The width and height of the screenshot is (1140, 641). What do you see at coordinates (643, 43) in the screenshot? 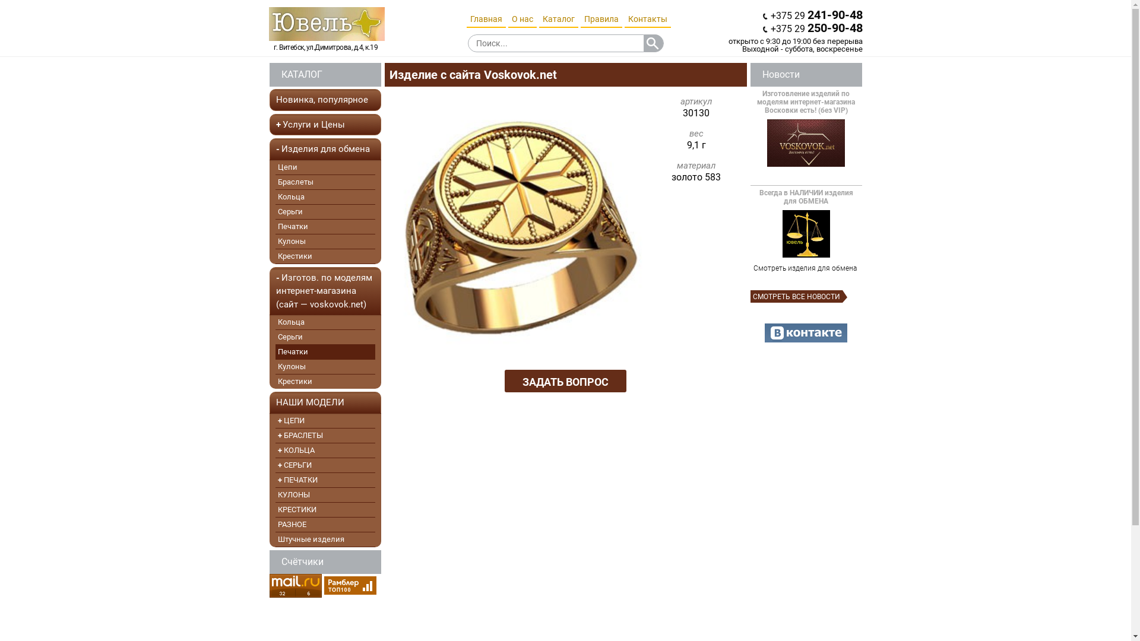
I see `'GO'` at bounding box center [643, 43].